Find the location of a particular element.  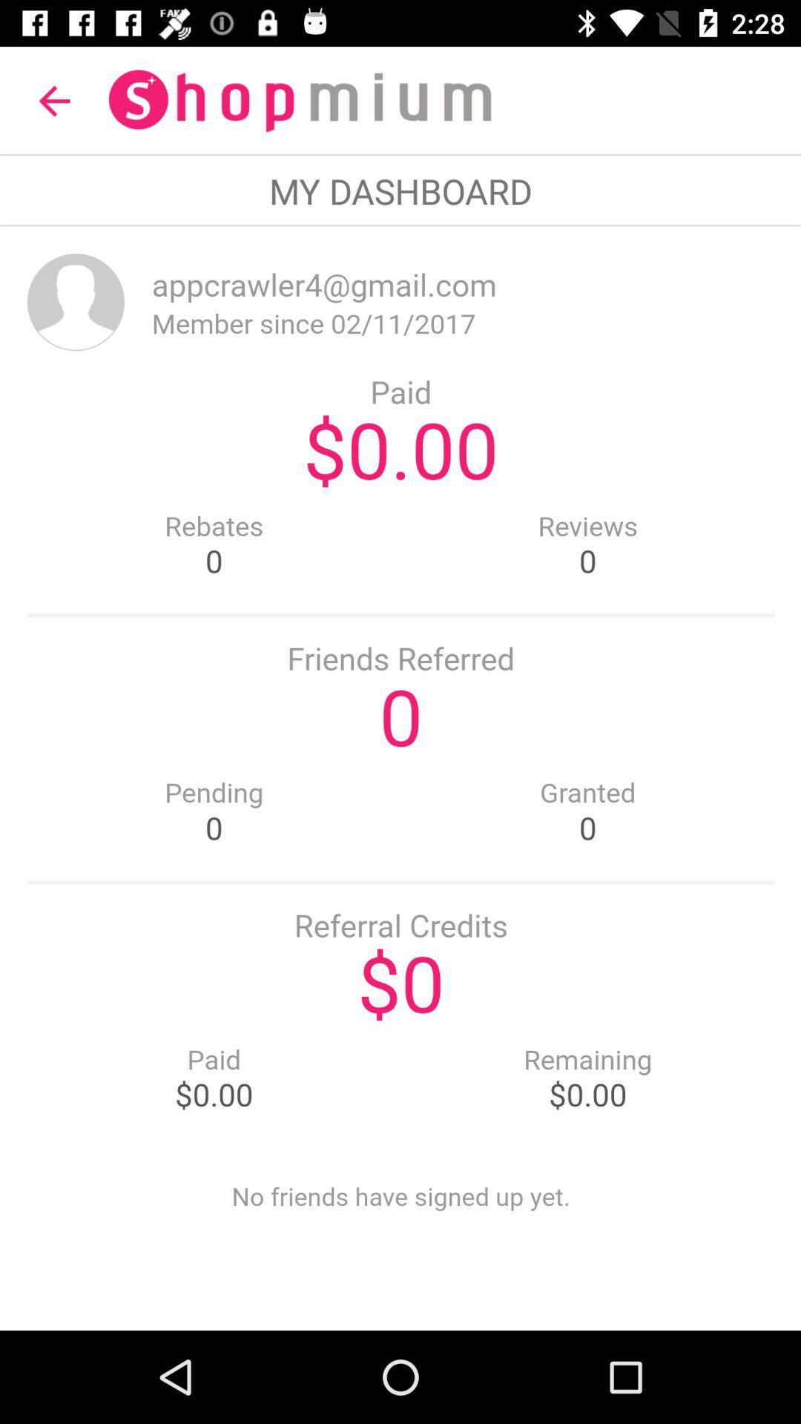

main canvas is located at coordinates (400, 777).